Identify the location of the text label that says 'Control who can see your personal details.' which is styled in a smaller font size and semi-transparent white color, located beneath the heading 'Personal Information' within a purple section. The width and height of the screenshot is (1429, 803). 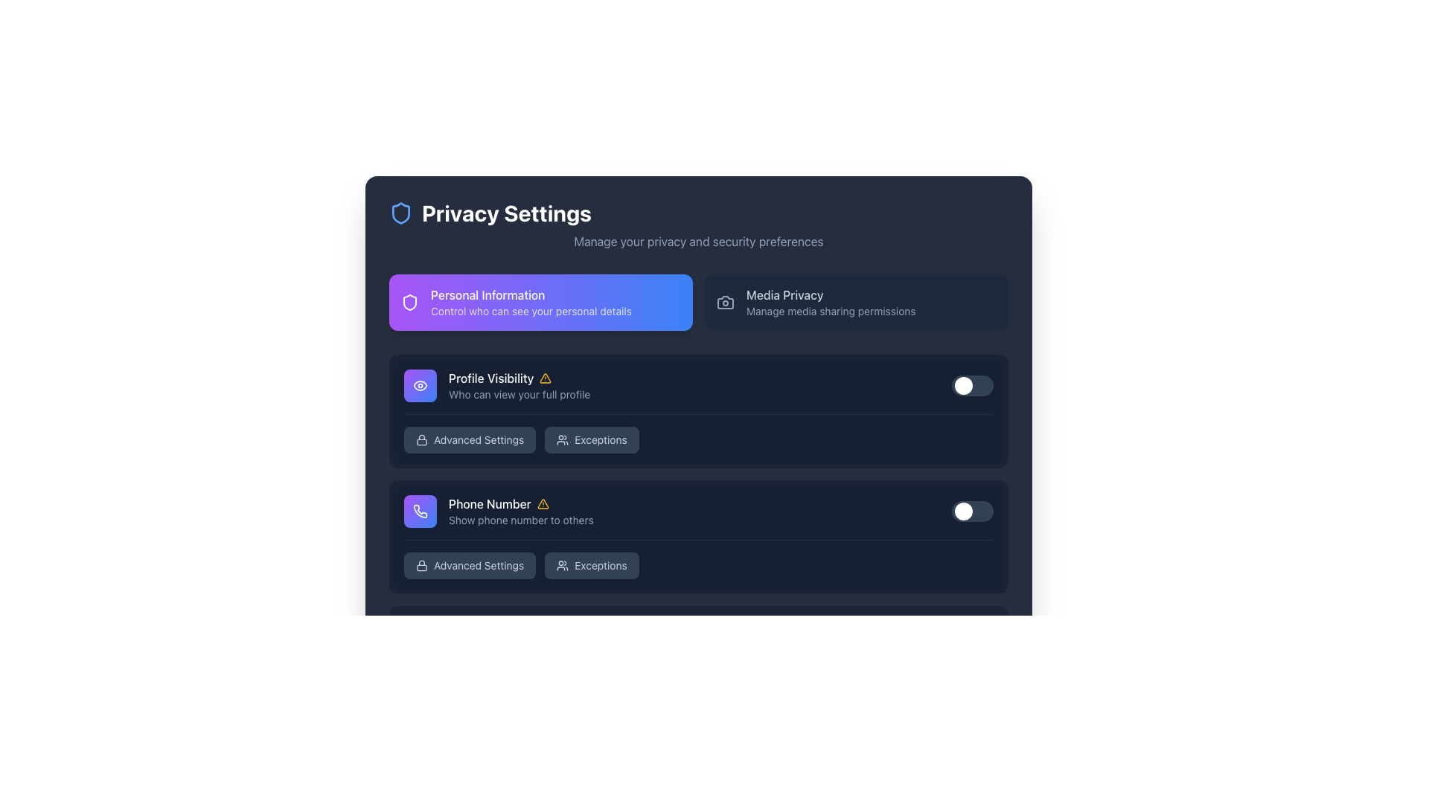
(531, 311).